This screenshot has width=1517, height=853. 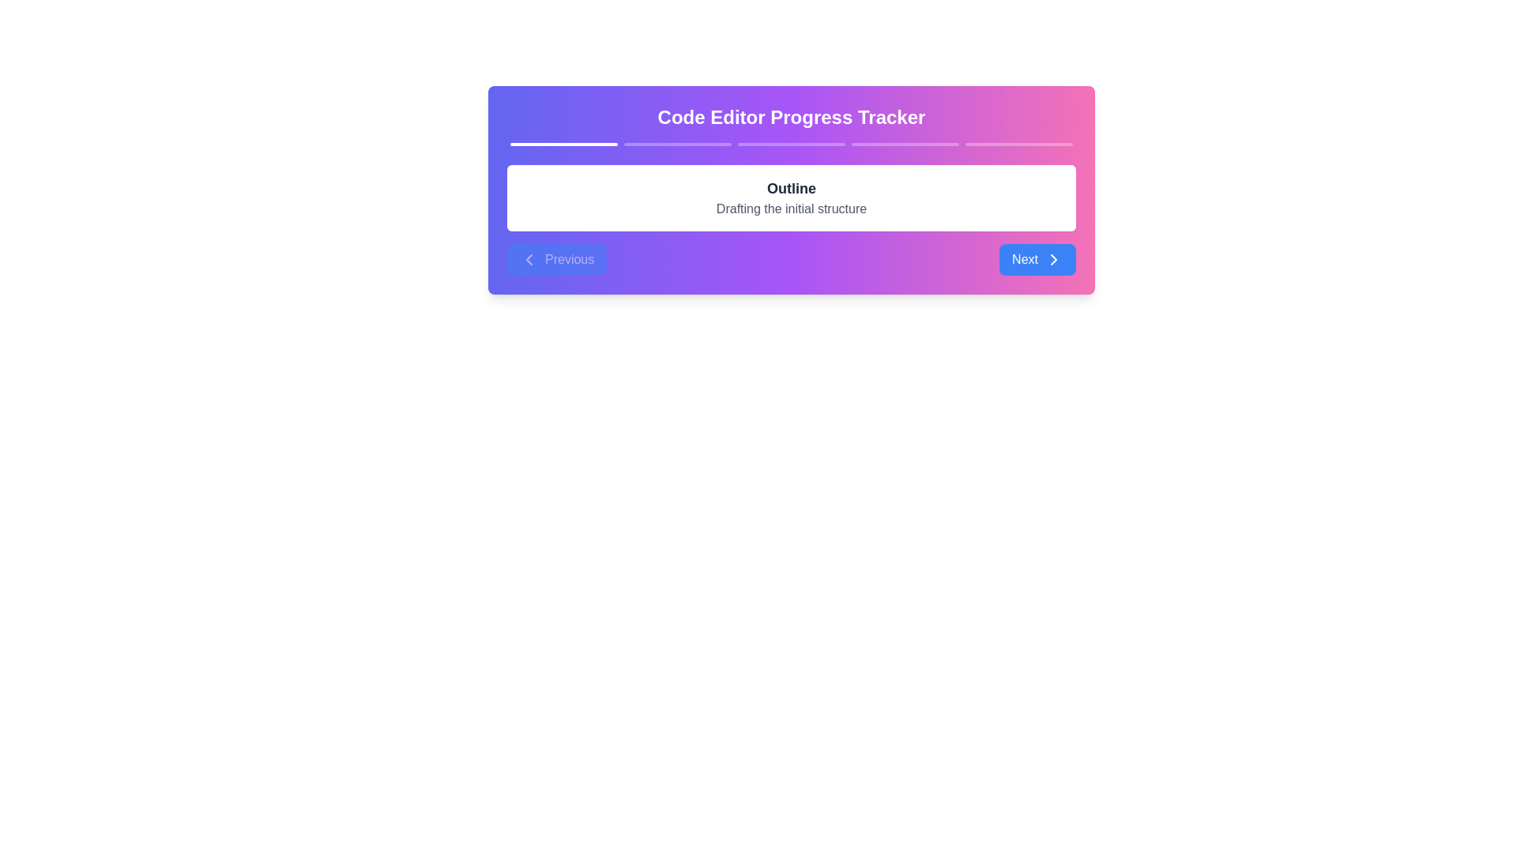 What do you see at coordinates (1054, 258) in the screenshot?
I see `the right-pointing arrow icon within the 'Next' button, which is styled with a modern, minimalistic design and located in the bottom-right of the component layout` at bounding box center [1054, 258].